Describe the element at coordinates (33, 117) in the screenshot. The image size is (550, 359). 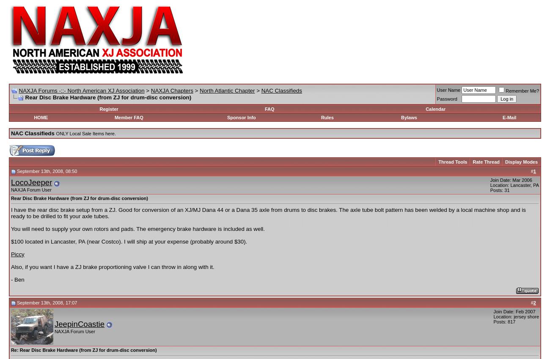
I see `'HOME'` at that location.